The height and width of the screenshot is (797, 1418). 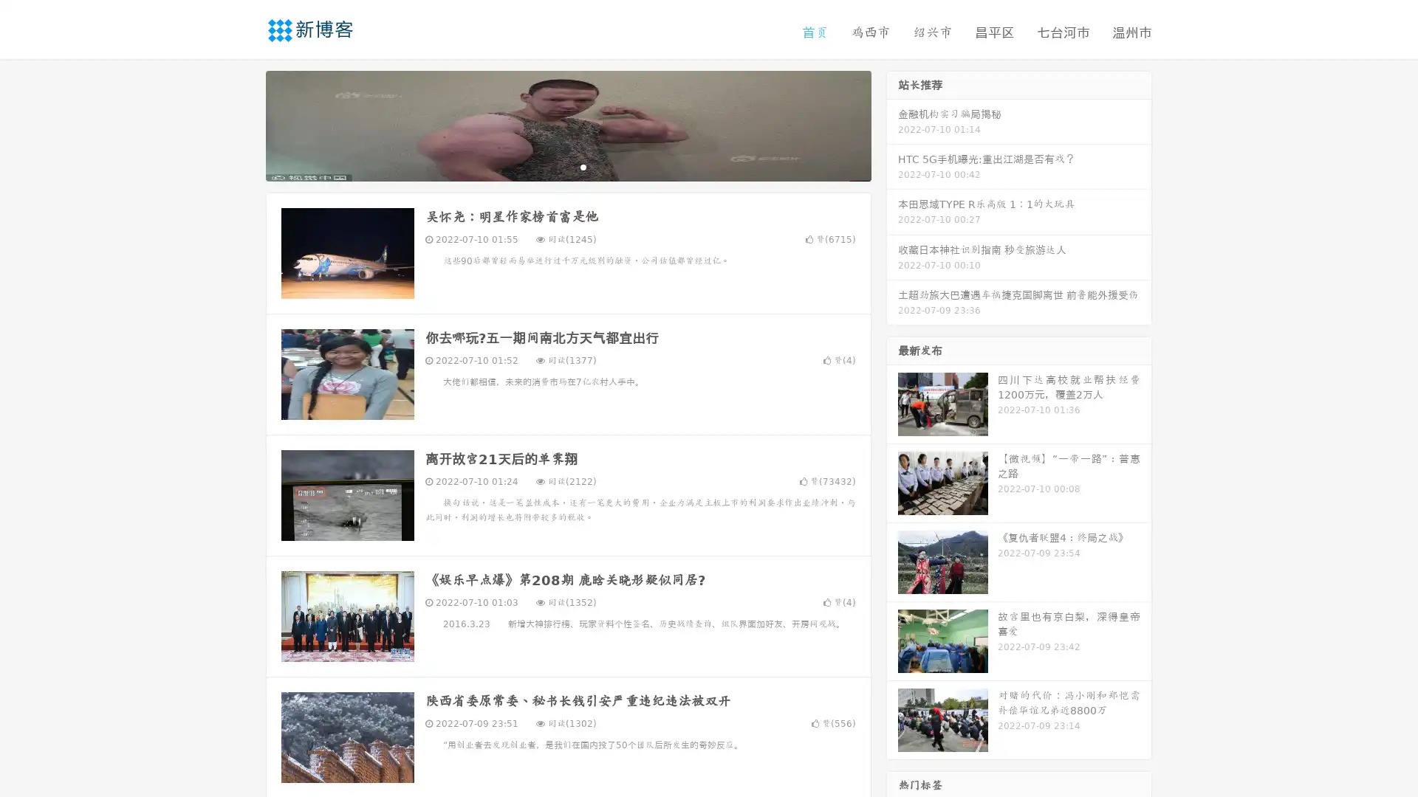 I want to click on Previous slide, so click(x=244, y=124).